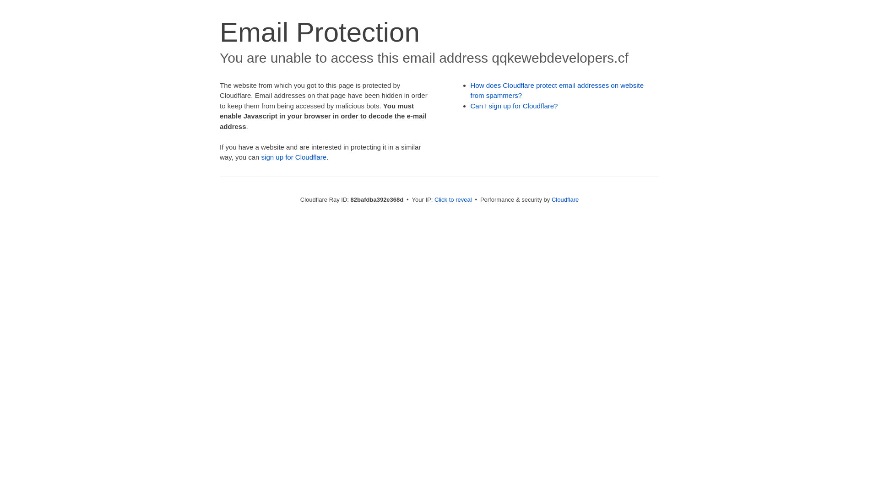 The width and height of the screenshot is (879, 494). I want to click on 'Click to reveal', so click(453, 199).